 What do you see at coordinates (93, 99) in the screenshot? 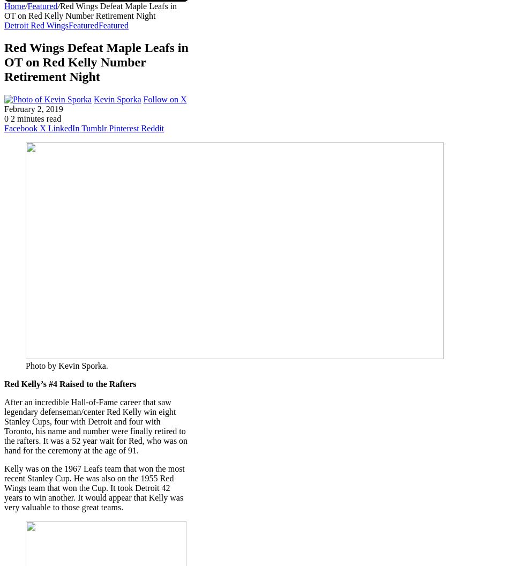
I see `'Kevin Sporka'` at bounding box center [93, 99].